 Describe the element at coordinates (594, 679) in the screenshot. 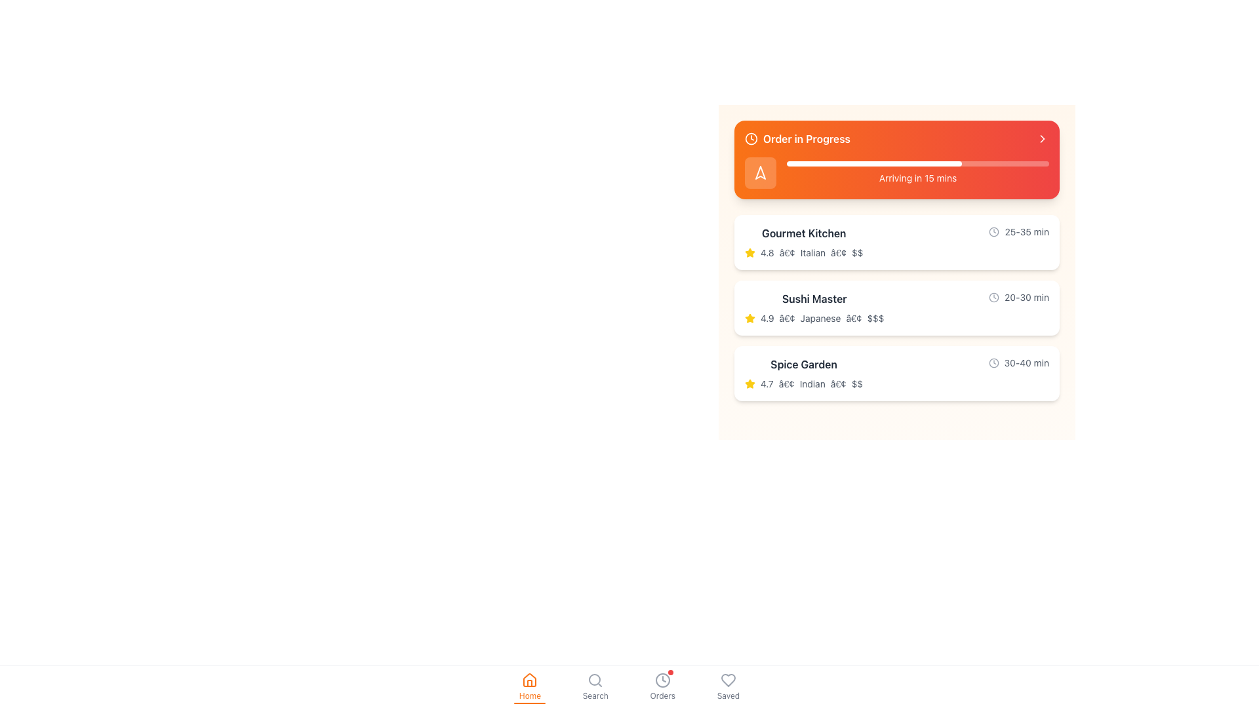

I see `the SVG circle shape representing the Search functionality in the bottom navigation bar to trigger hover styles` at that location.